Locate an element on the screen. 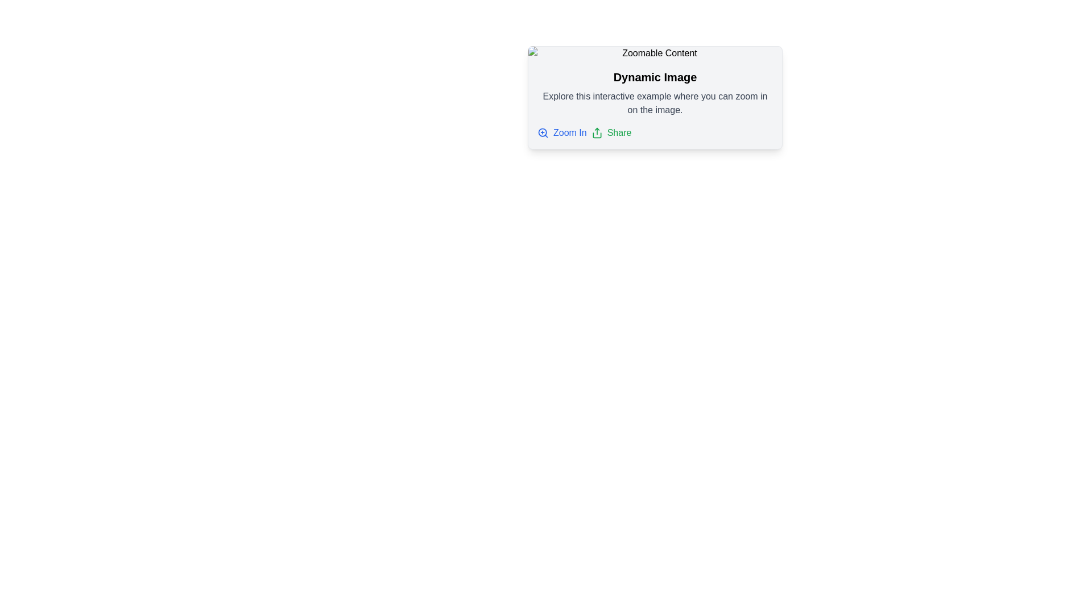  the zoom-in icon located near the left side of the 'Zoom In' label, positioned slightly below it is located at coordinates (543, 132).